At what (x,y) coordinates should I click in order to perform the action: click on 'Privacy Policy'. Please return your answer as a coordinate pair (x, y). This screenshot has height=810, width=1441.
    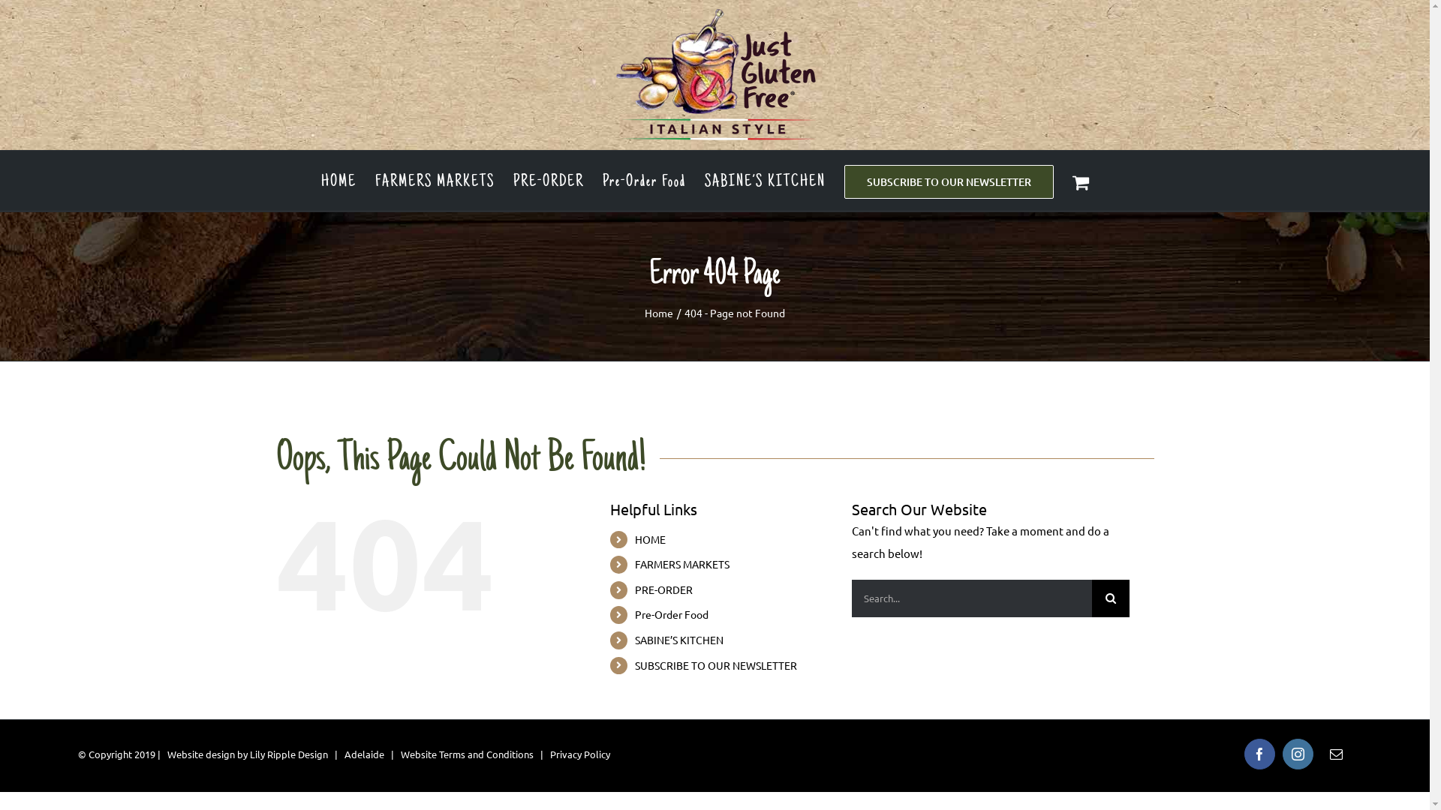
    Looking at the image, I should click on (579, 754).